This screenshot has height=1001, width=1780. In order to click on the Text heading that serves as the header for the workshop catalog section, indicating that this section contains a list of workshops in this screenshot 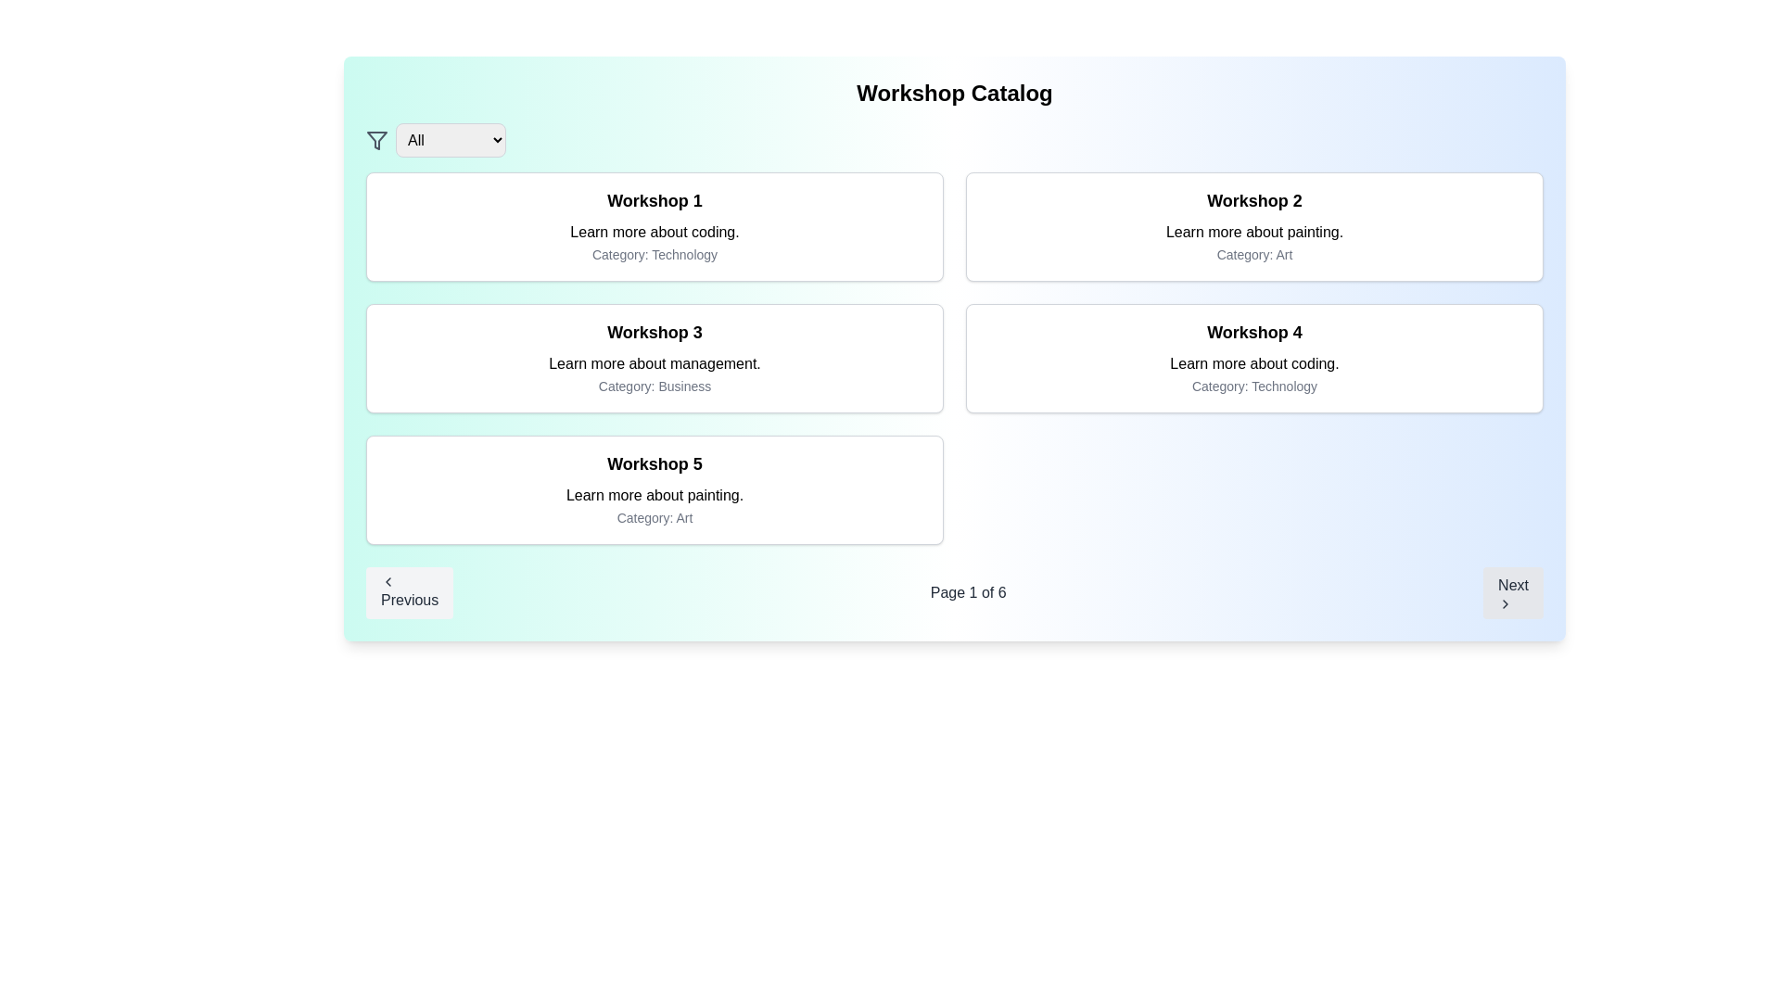, I will do `click(955, 93)`.